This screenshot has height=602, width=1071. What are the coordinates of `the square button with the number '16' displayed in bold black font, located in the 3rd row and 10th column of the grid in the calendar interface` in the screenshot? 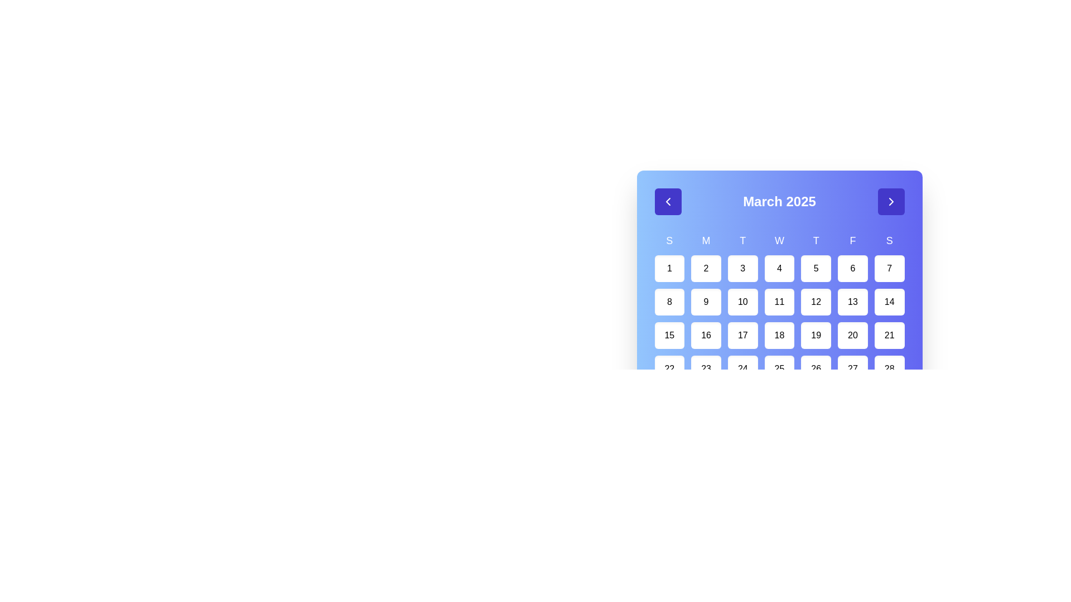 It's located at (706, 334).